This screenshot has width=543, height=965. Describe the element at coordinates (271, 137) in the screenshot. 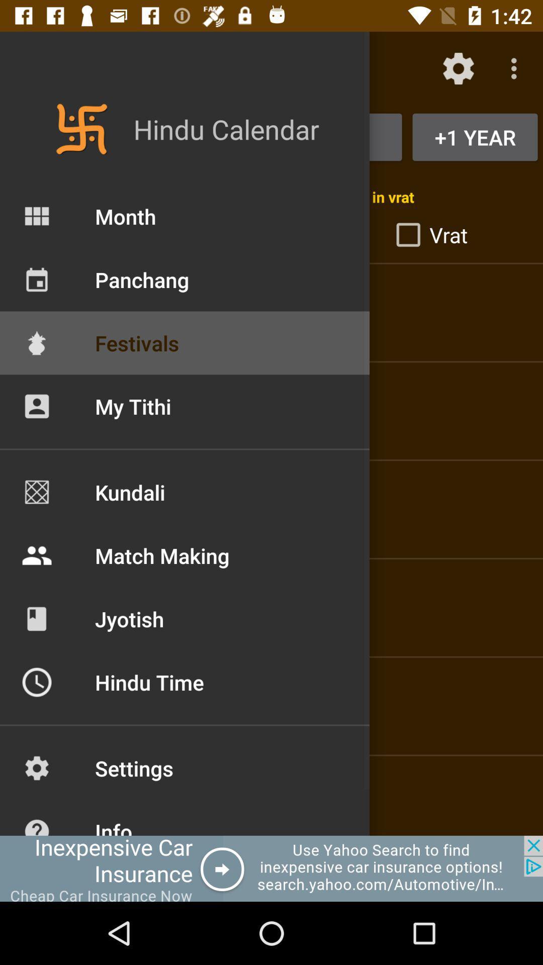

I see `the text beside 1year` at that location.